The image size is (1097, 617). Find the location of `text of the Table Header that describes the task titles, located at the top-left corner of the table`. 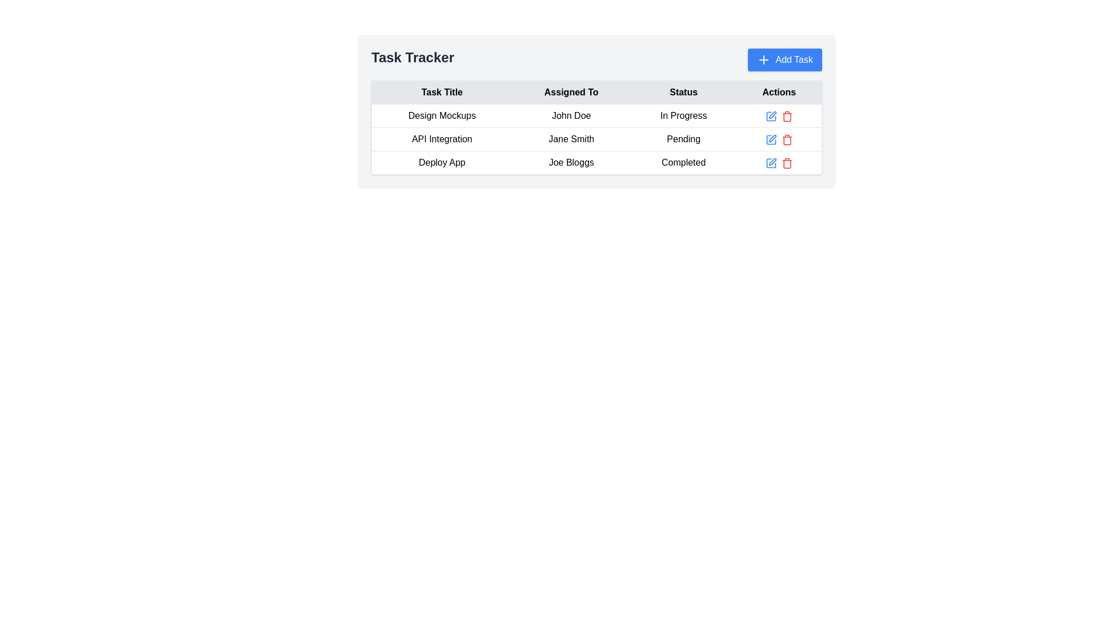

text of the Table Header that describes the task titles, located at the top-left corner of the table is located at coordinates (441, 92).